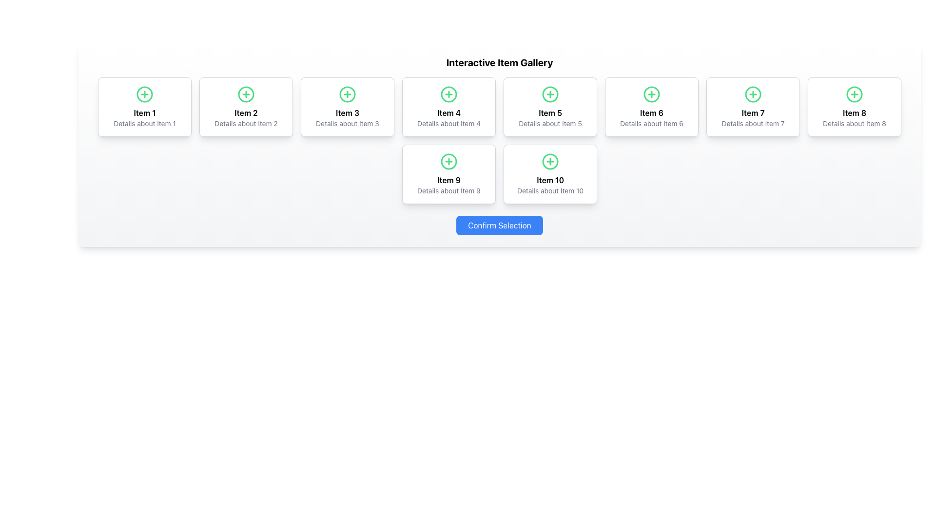 Image resolution: width=936 pixels, height=526 pixels. What do you see at coordinates (652, 107) in the screenshot?
I see `the card displaying information about 'Item 6', which is located in the second row and sixth column of the grid layout` at bounding box center [652, 107].